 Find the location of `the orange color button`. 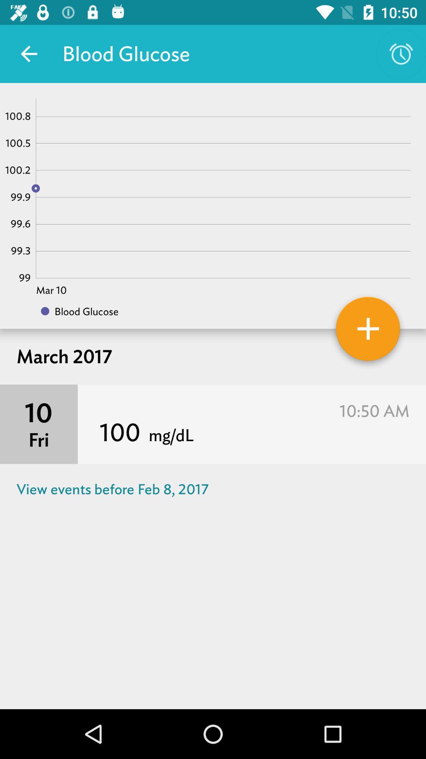

the orange color button is located at coordinates (368, 332).